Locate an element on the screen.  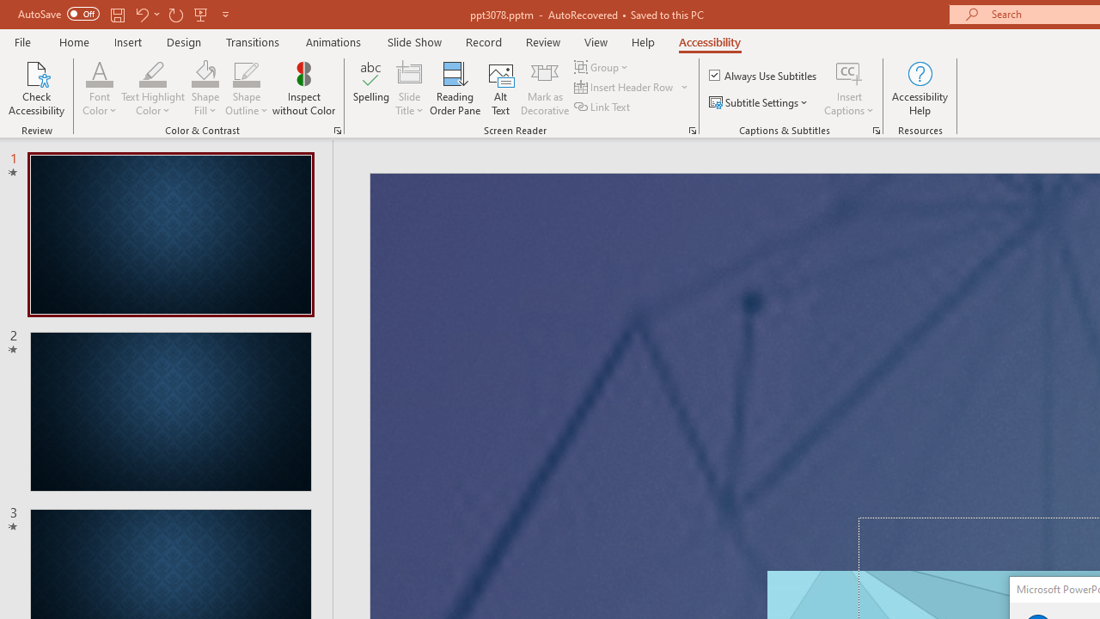
'Insert Header Row' is located at coordinates (632, 87).